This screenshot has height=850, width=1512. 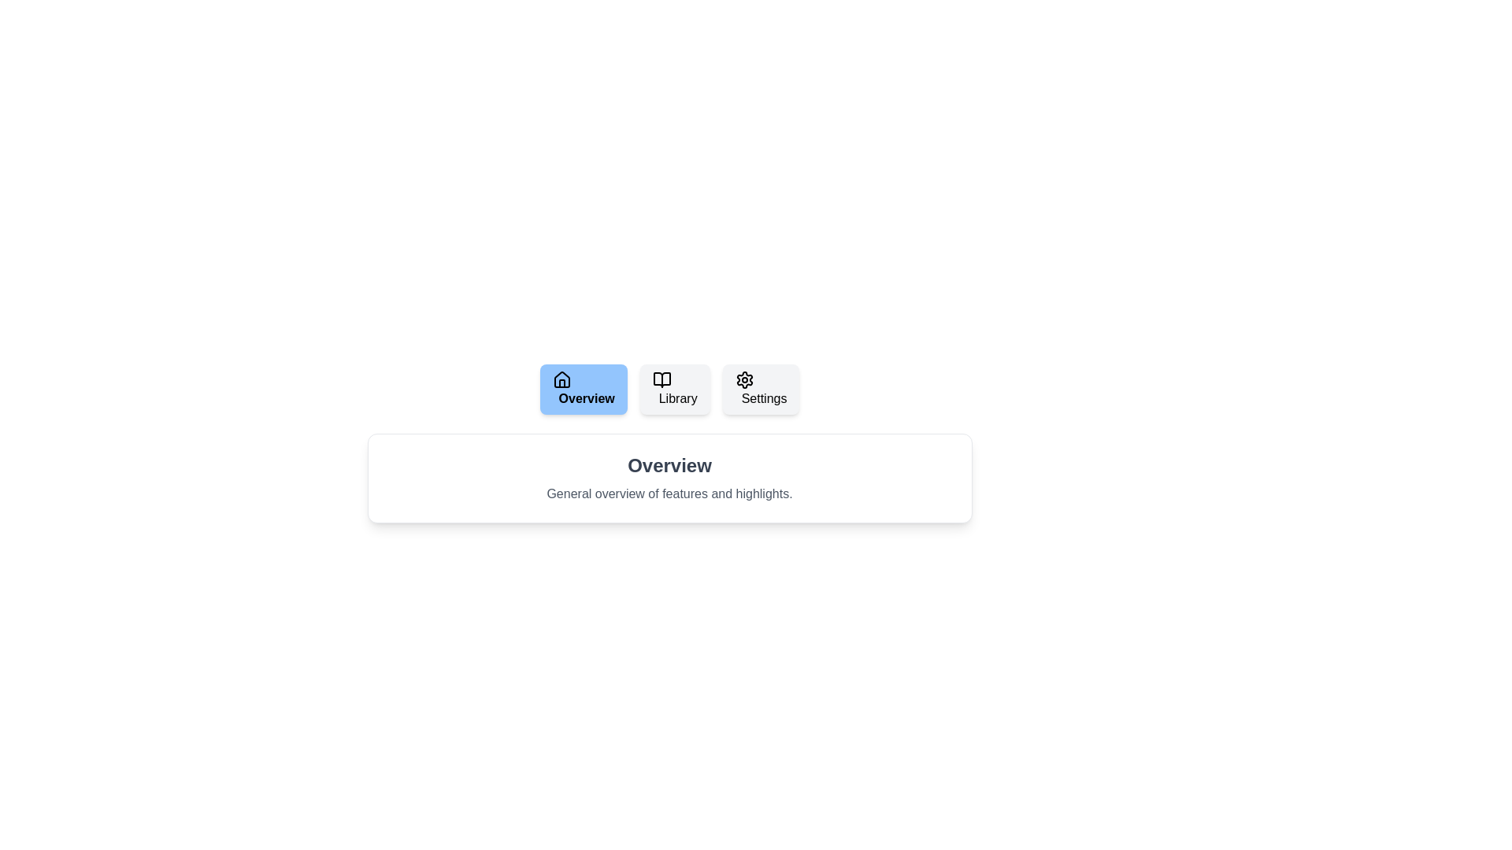 What do you see at coordinates (675, 389) in the screenshot?
I see `the tab labeled Library to switch to that tab` at bounding box center [675, 389].